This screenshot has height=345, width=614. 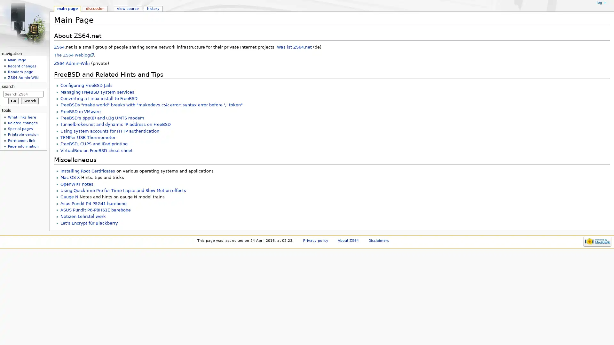 I want to click on Search, so click(x=29, y=101).